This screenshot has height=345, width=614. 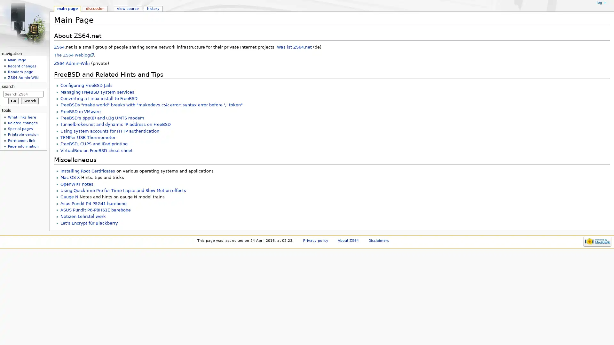 I want to click on Search, so click(x=29, y=101).